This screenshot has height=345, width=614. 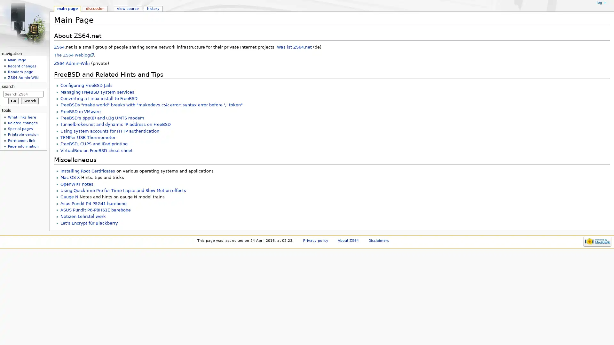 I want to click on Search, so click(x=29, y=101).